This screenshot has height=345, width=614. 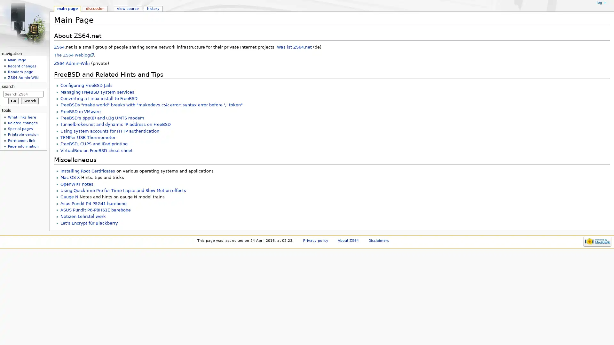 I want to click on Search, so click(x=29, y=101).